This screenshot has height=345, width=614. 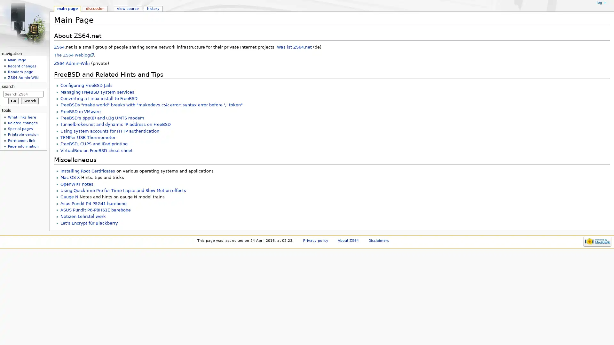 I want to click on Search, so click(x=29, y=101).